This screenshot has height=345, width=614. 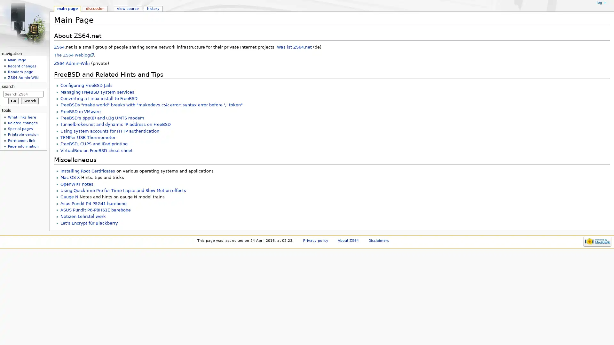 I want to click on Search, so click(x=29, y=101).